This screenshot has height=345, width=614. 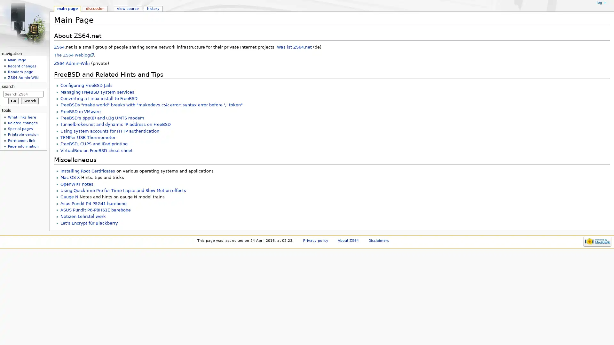 I want to click on Search, so click(x=29, y=101).